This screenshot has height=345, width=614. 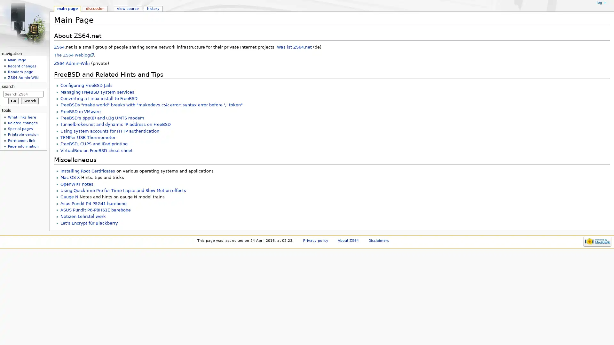 I want to click on Search, so click(x=29, y=101).